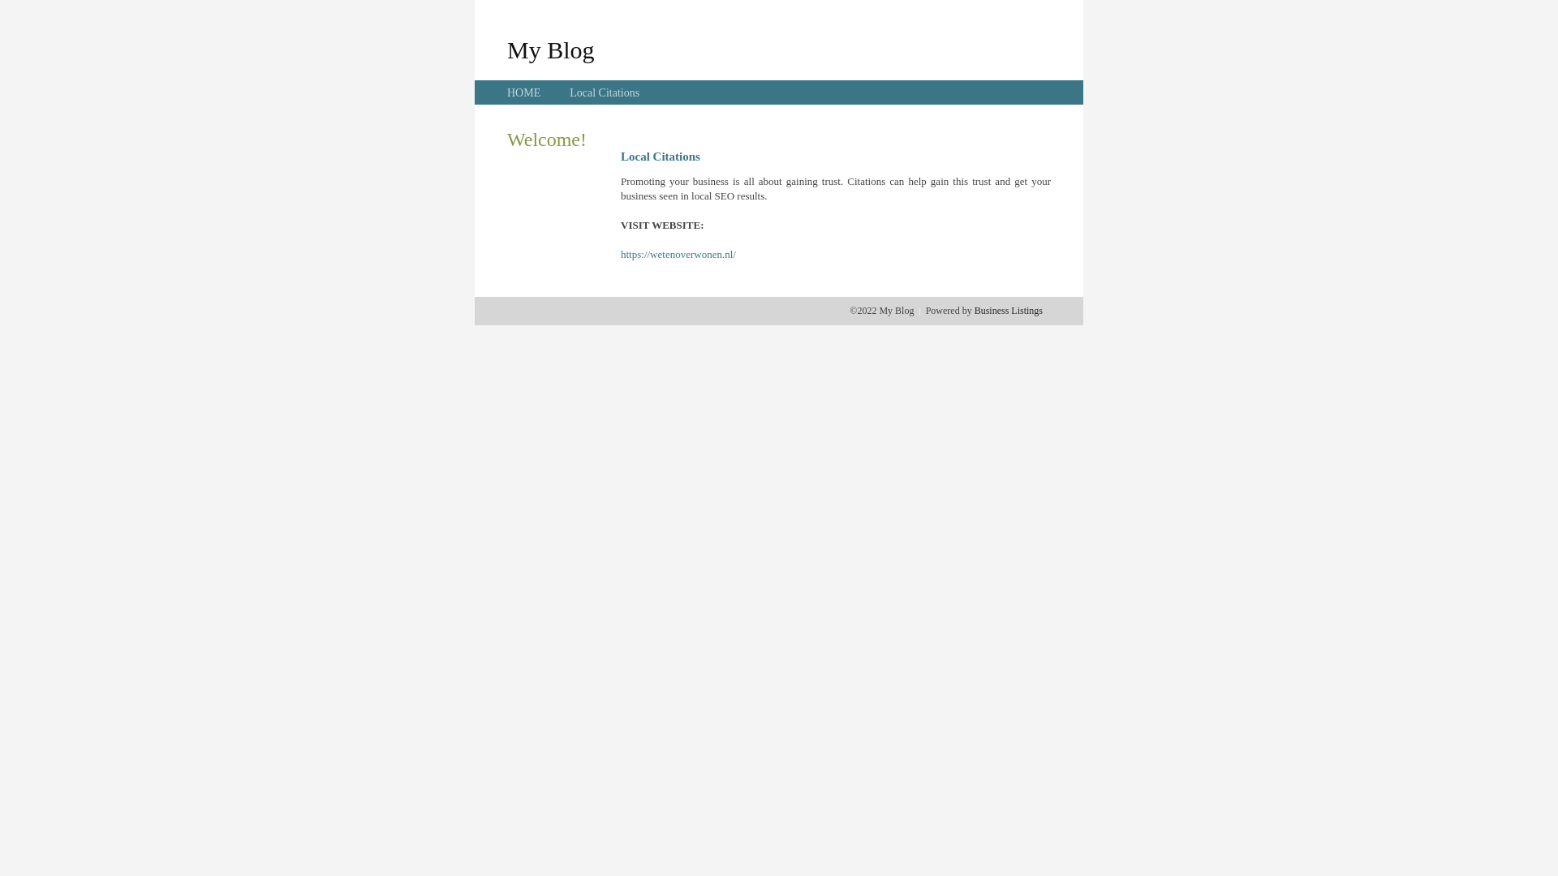 The width and height of the screenshot is (1558, 876). What do you see at coordinates (569, 92) in the screenshot?
I see `'Local Citations'` at bounding box center [569, 92].